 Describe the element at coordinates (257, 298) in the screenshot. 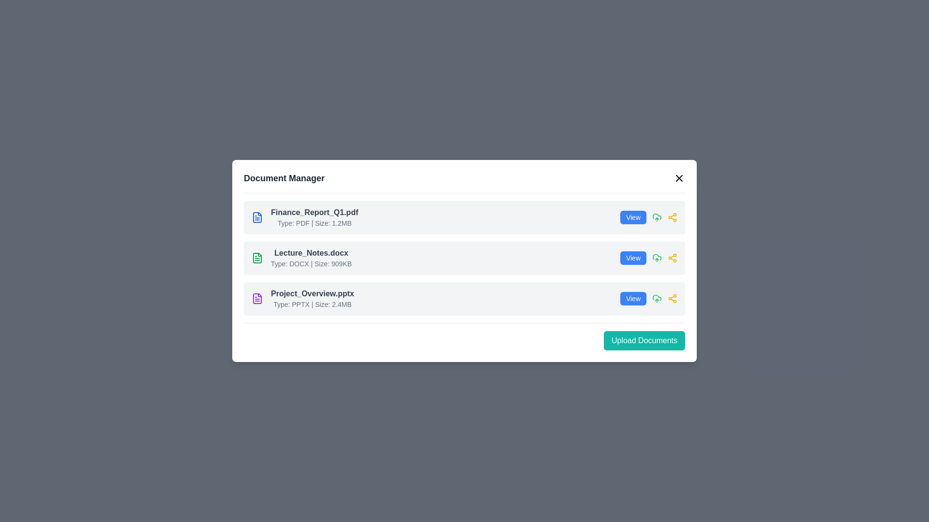

I see `the document type icon for 'Project_Overview.pptx', which is located in the third position of the Document Manager interface` at that location.